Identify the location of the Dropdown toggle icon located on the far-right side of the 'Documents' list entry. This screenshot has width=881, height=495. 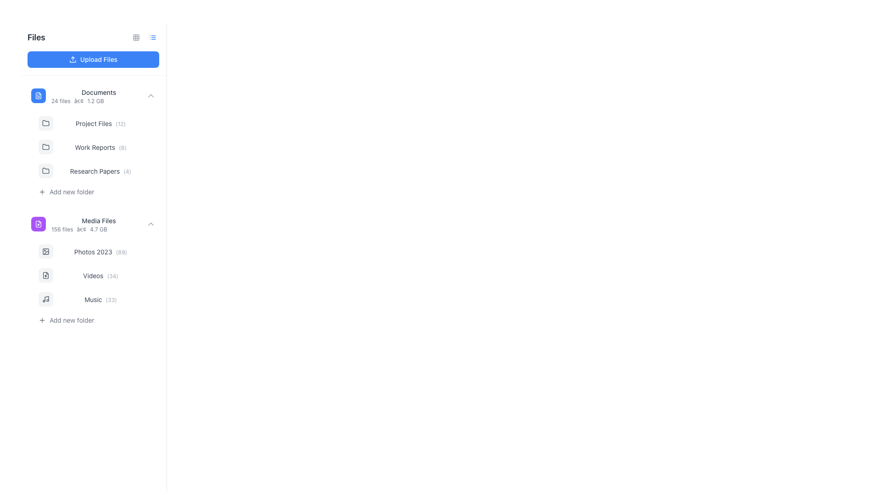
(151, 95).